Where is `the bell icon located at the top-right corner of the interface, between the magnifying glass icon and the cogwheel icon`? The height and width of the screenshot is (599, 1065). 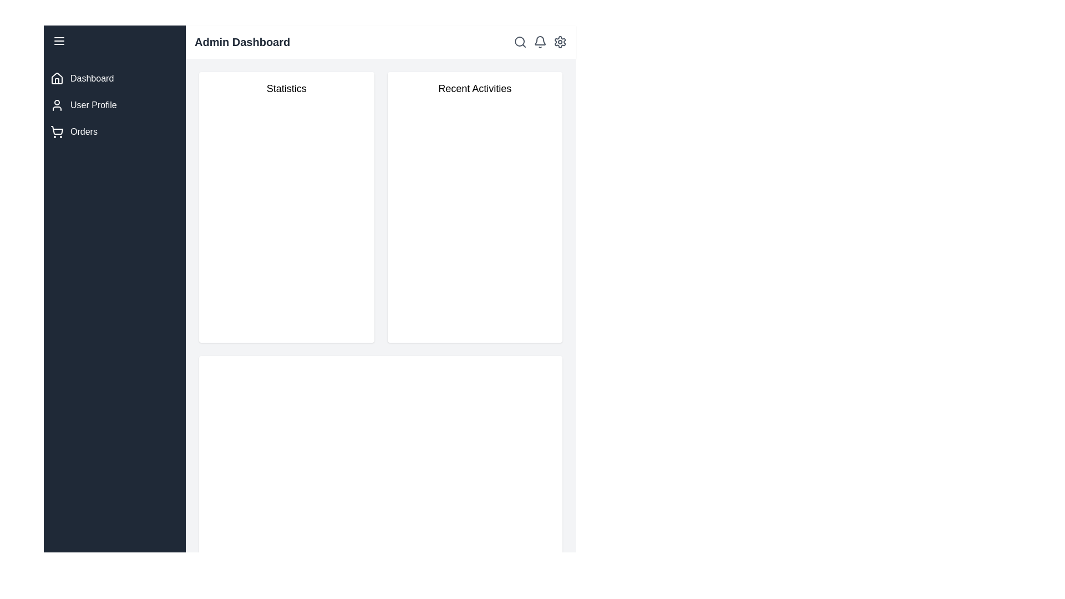
the bell icon located at the top-right corner of the interface, between the magnifying glass icon and the cogwheel icon is located at coordinates (540, 42).